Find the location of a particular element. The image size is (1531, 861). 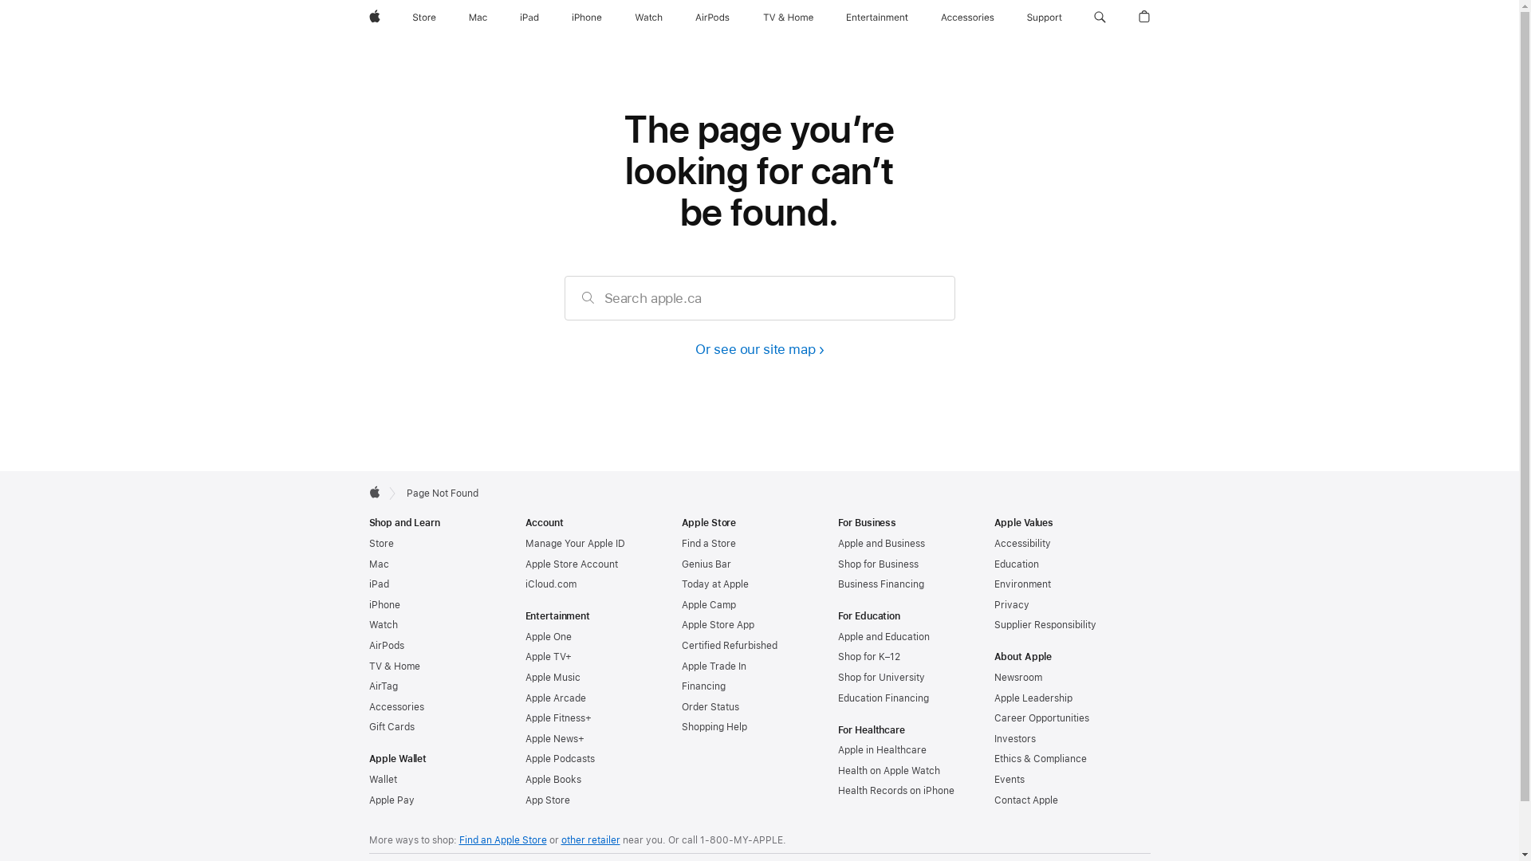

'Apple News+' is located at coordinates (554, 738).